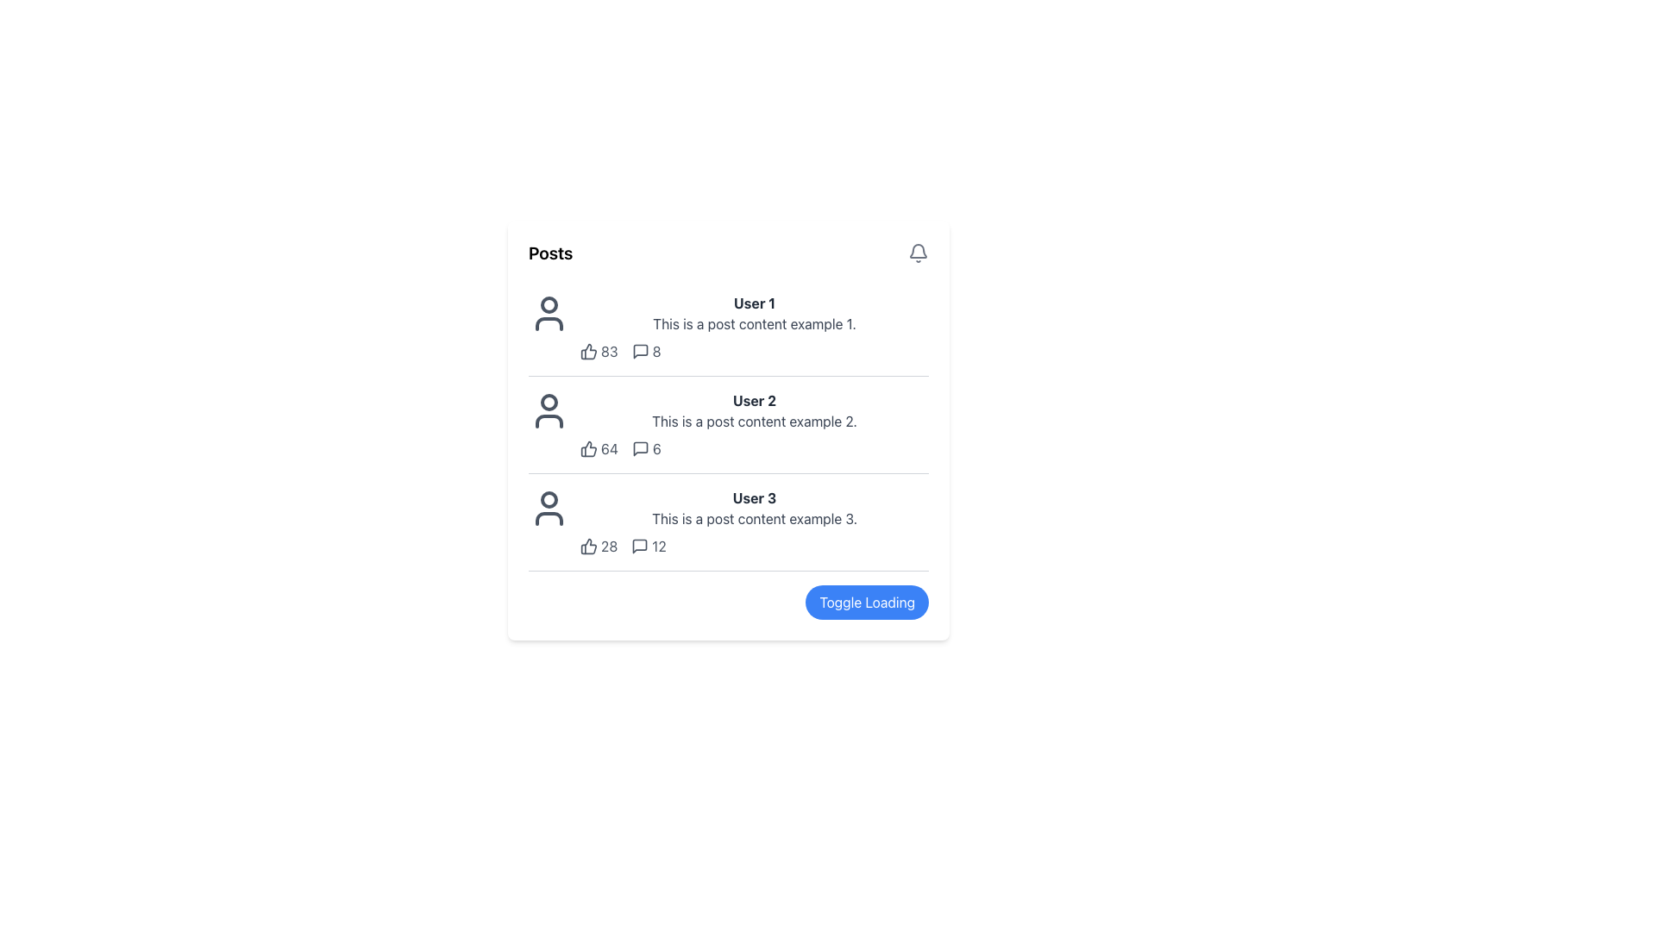 The height and width of the screenshot is (931, 1656). What do you see at coordinates (754, 422) in the screenshot?
I see `the text displaying 'This is a post content example 2.' located in the second post of a vertical list, below 'User 2' and above interaction counts` at bounding box center [754, 422].